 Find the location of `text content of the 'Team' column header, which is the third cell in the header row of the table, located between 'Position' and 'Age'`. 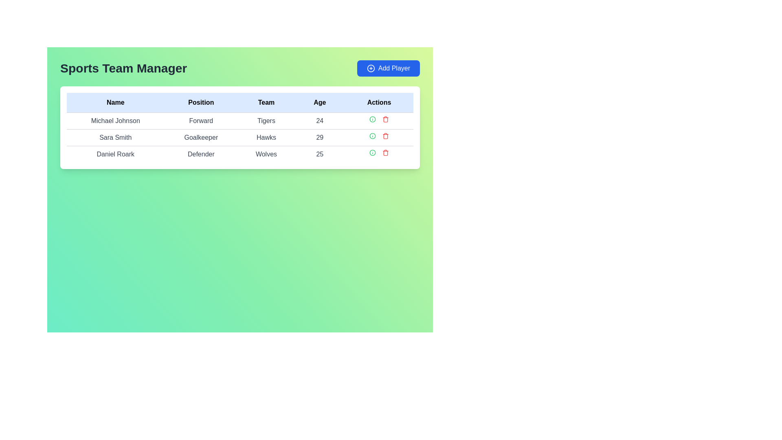

text content of the 'Team' column header, which is the third cell in the header row of the table, located between 'Position' and 'Age' is located at coordinates (266, 102).